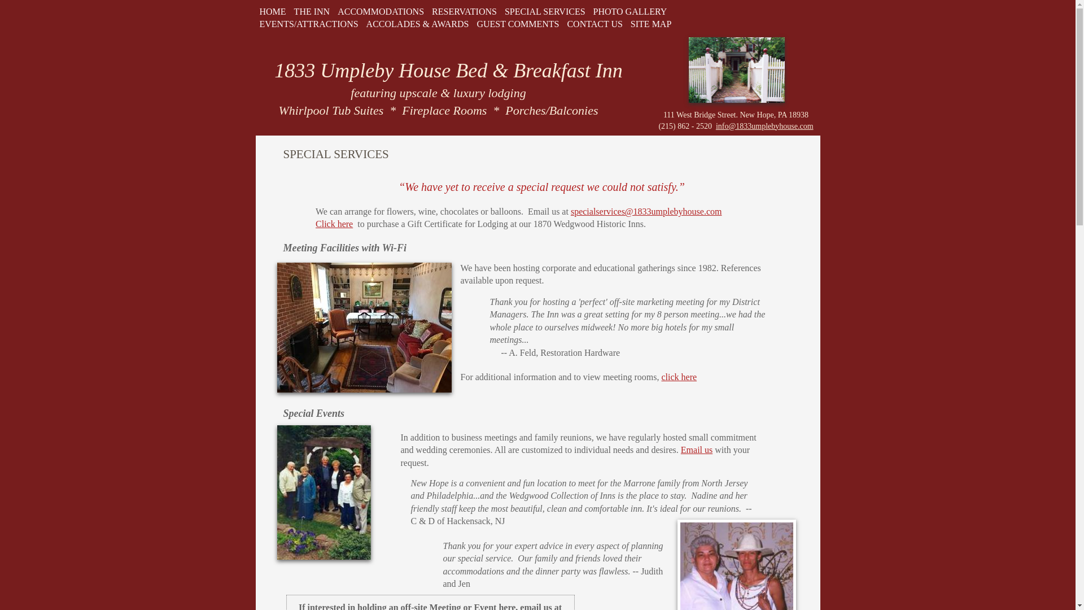 The image size is (1084, 610). I want to click on 'info@1833umplebyhouse.com', so click(764, 126).